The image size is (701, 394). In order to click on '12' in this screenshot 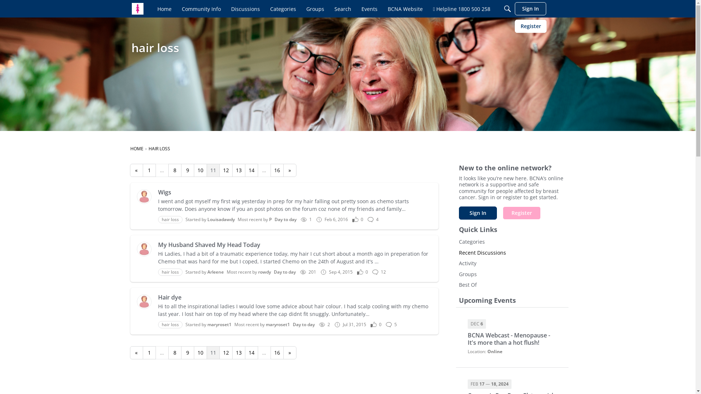, I will do `click(225, 170)`.